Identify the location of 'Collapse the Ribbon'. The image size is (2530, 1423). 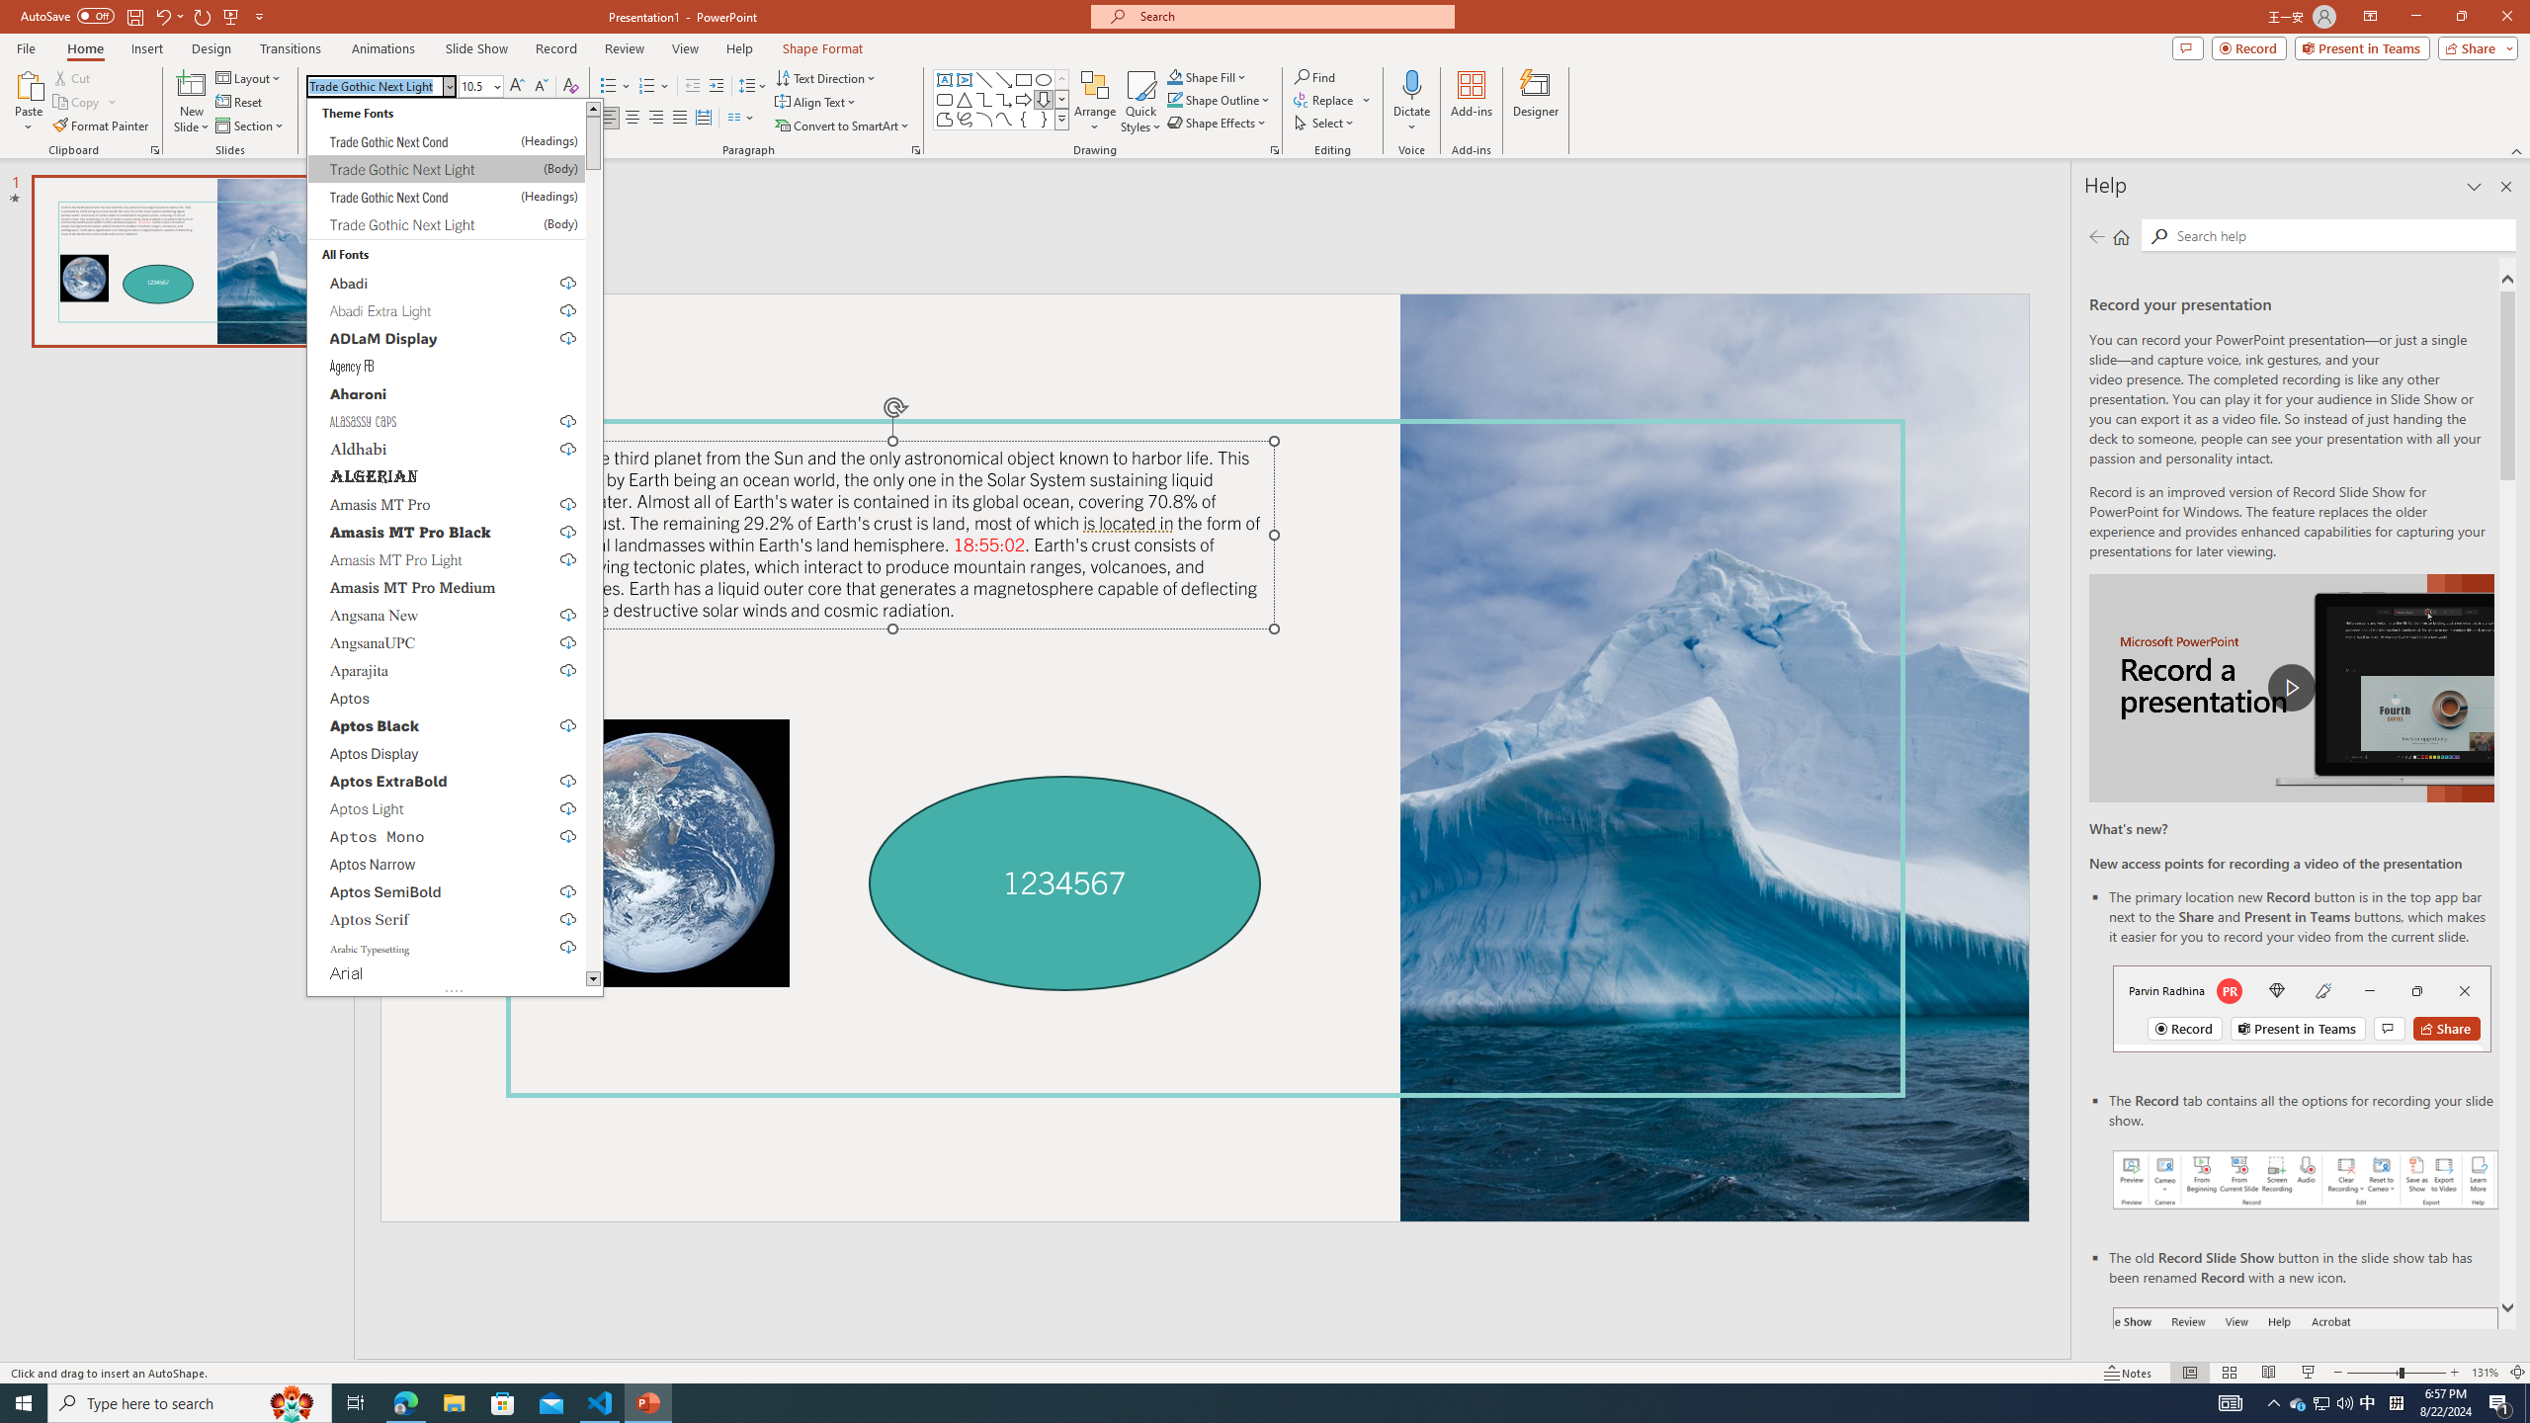
(2517, 151).